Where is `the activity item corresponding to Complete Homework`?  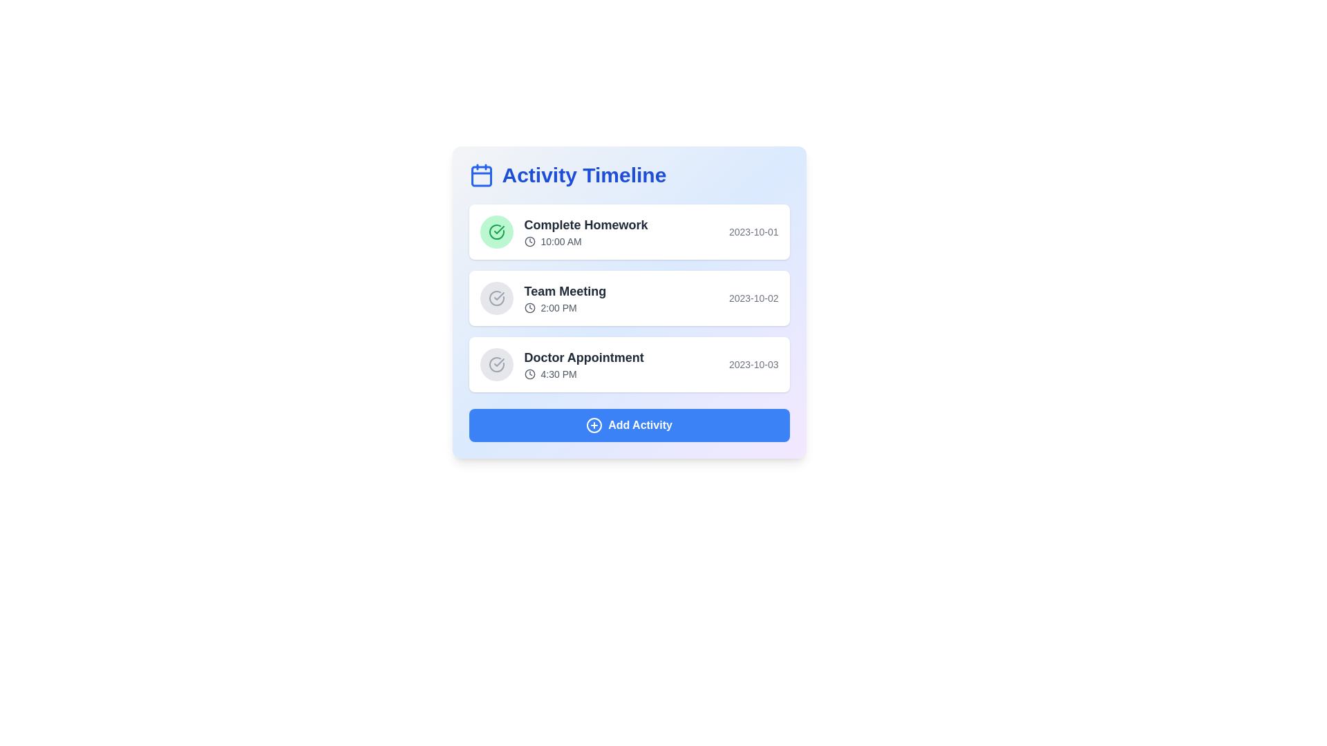
the activity item corresponding to Complete Homework is located at coordinates (628, 231).